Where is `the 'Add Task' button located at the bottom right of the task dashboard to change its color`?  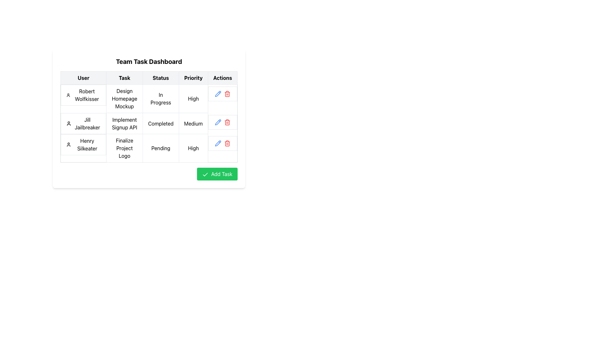 the 'Add Task' button located at the bottom right of the task dashboard to change its color is located at coordinates (217, 174).